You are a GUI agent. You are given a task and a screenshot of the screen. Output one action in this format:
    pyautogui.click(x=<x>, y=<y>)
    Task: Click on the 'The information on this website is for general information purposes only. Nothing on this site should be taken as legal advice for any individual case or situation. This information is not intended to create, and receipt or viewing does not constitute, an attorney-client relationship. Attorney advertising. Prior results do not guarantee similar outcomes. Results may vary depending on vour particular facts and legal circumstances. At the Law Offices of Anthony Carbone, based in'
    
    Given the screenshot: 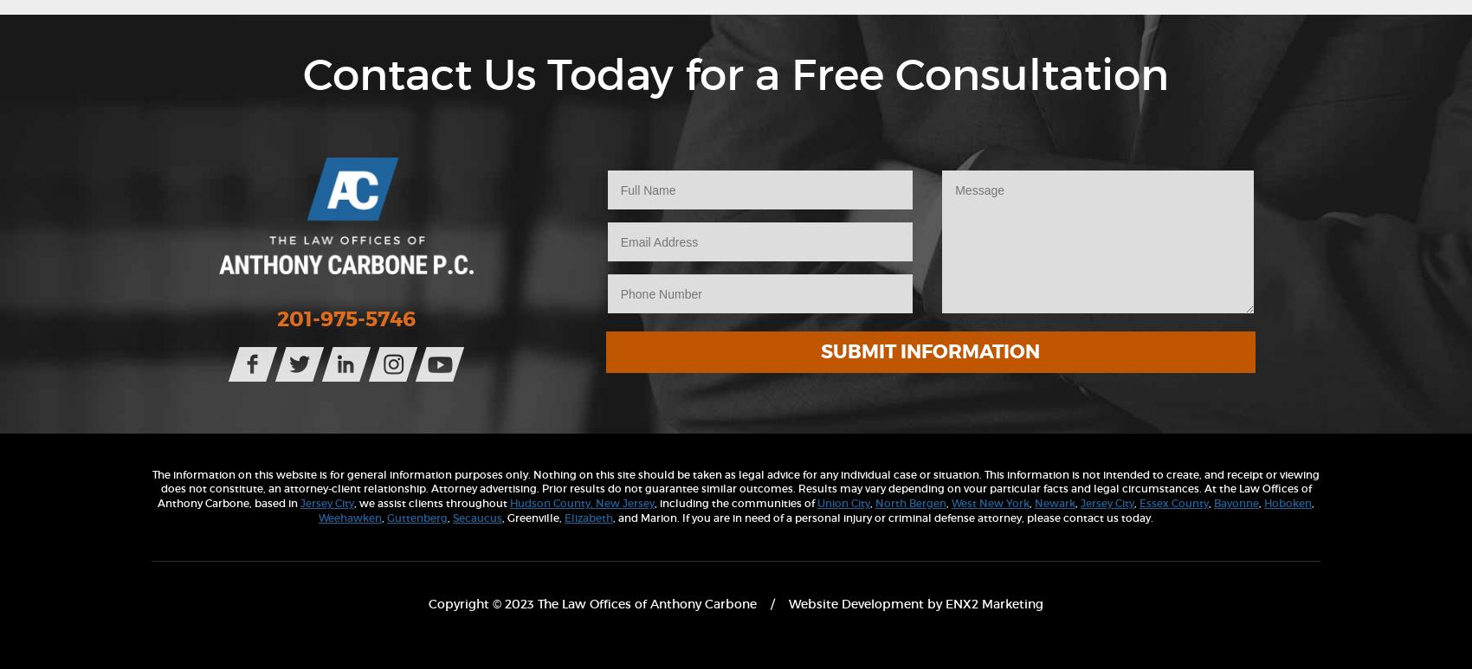 What is the action you would take?
    pyautogui.click(x=736, y=488)
    